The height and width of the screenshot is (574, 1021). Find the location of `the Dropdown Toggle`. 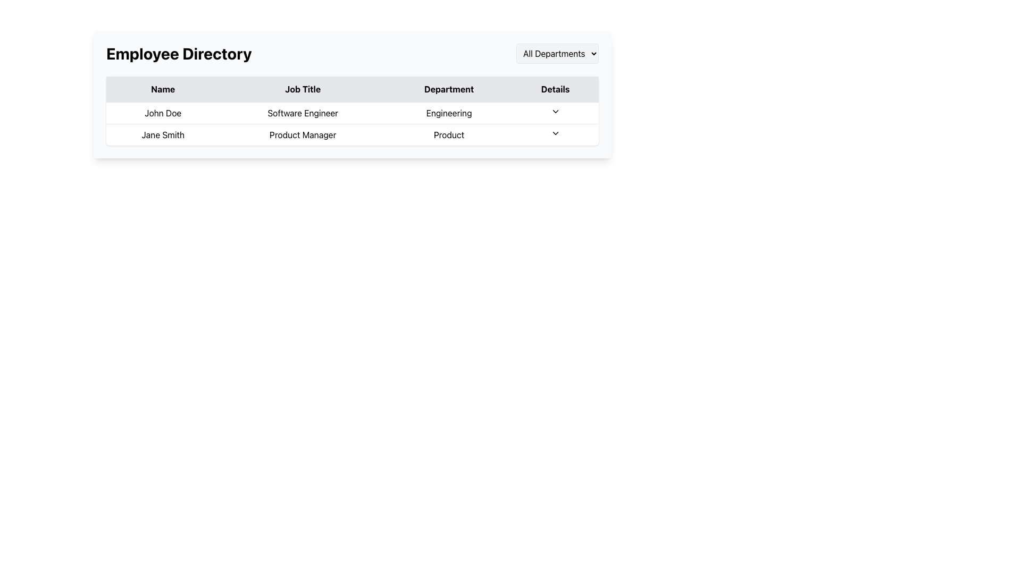

the Dropdown Toggle is located at coordinates (555, 111).